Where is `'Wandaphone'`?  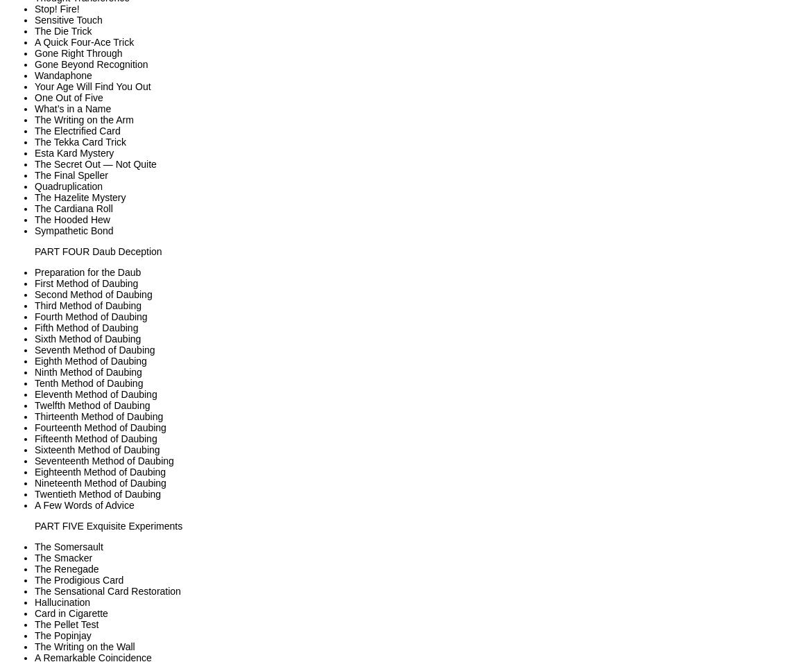
'Wandaphone' is located at coordinates (62, 74).